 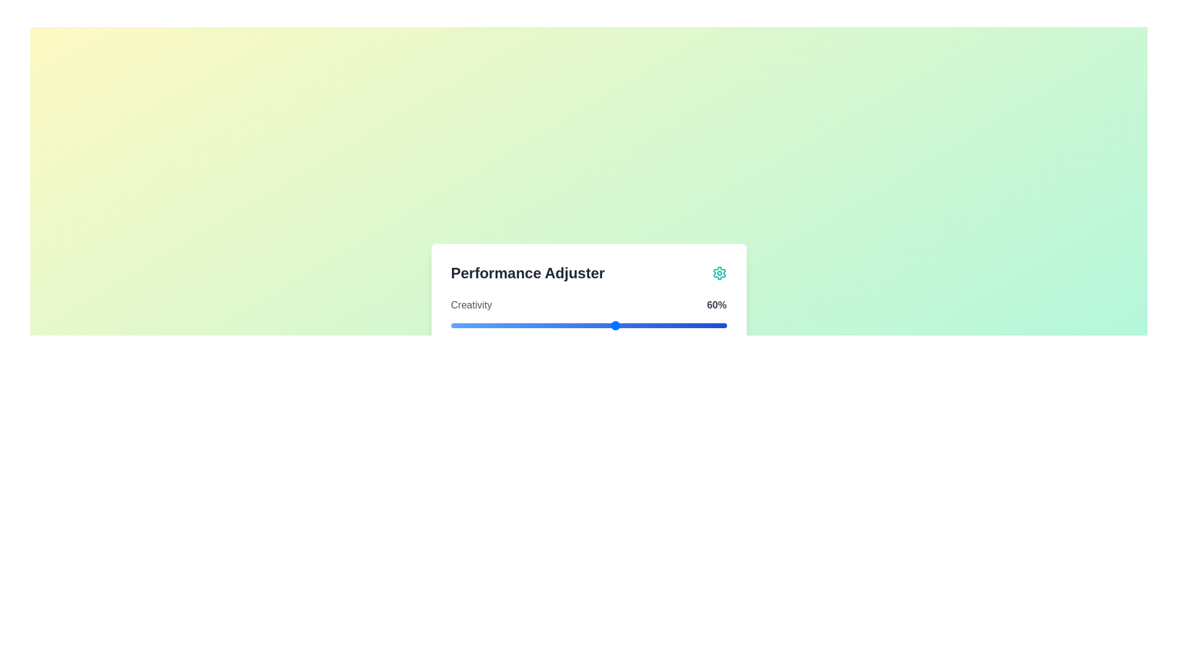 I want to click on the slider to set the value to 7%, so click(x=469, y=324).